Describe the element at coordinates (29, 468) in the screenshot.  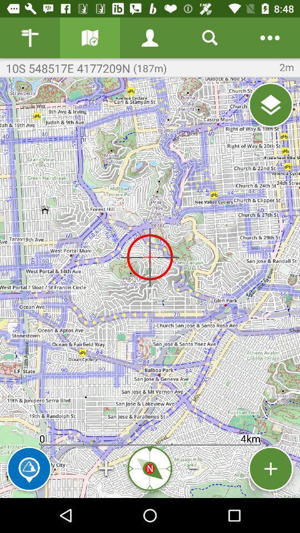
I see `the item at the bottom left corner` at that location.